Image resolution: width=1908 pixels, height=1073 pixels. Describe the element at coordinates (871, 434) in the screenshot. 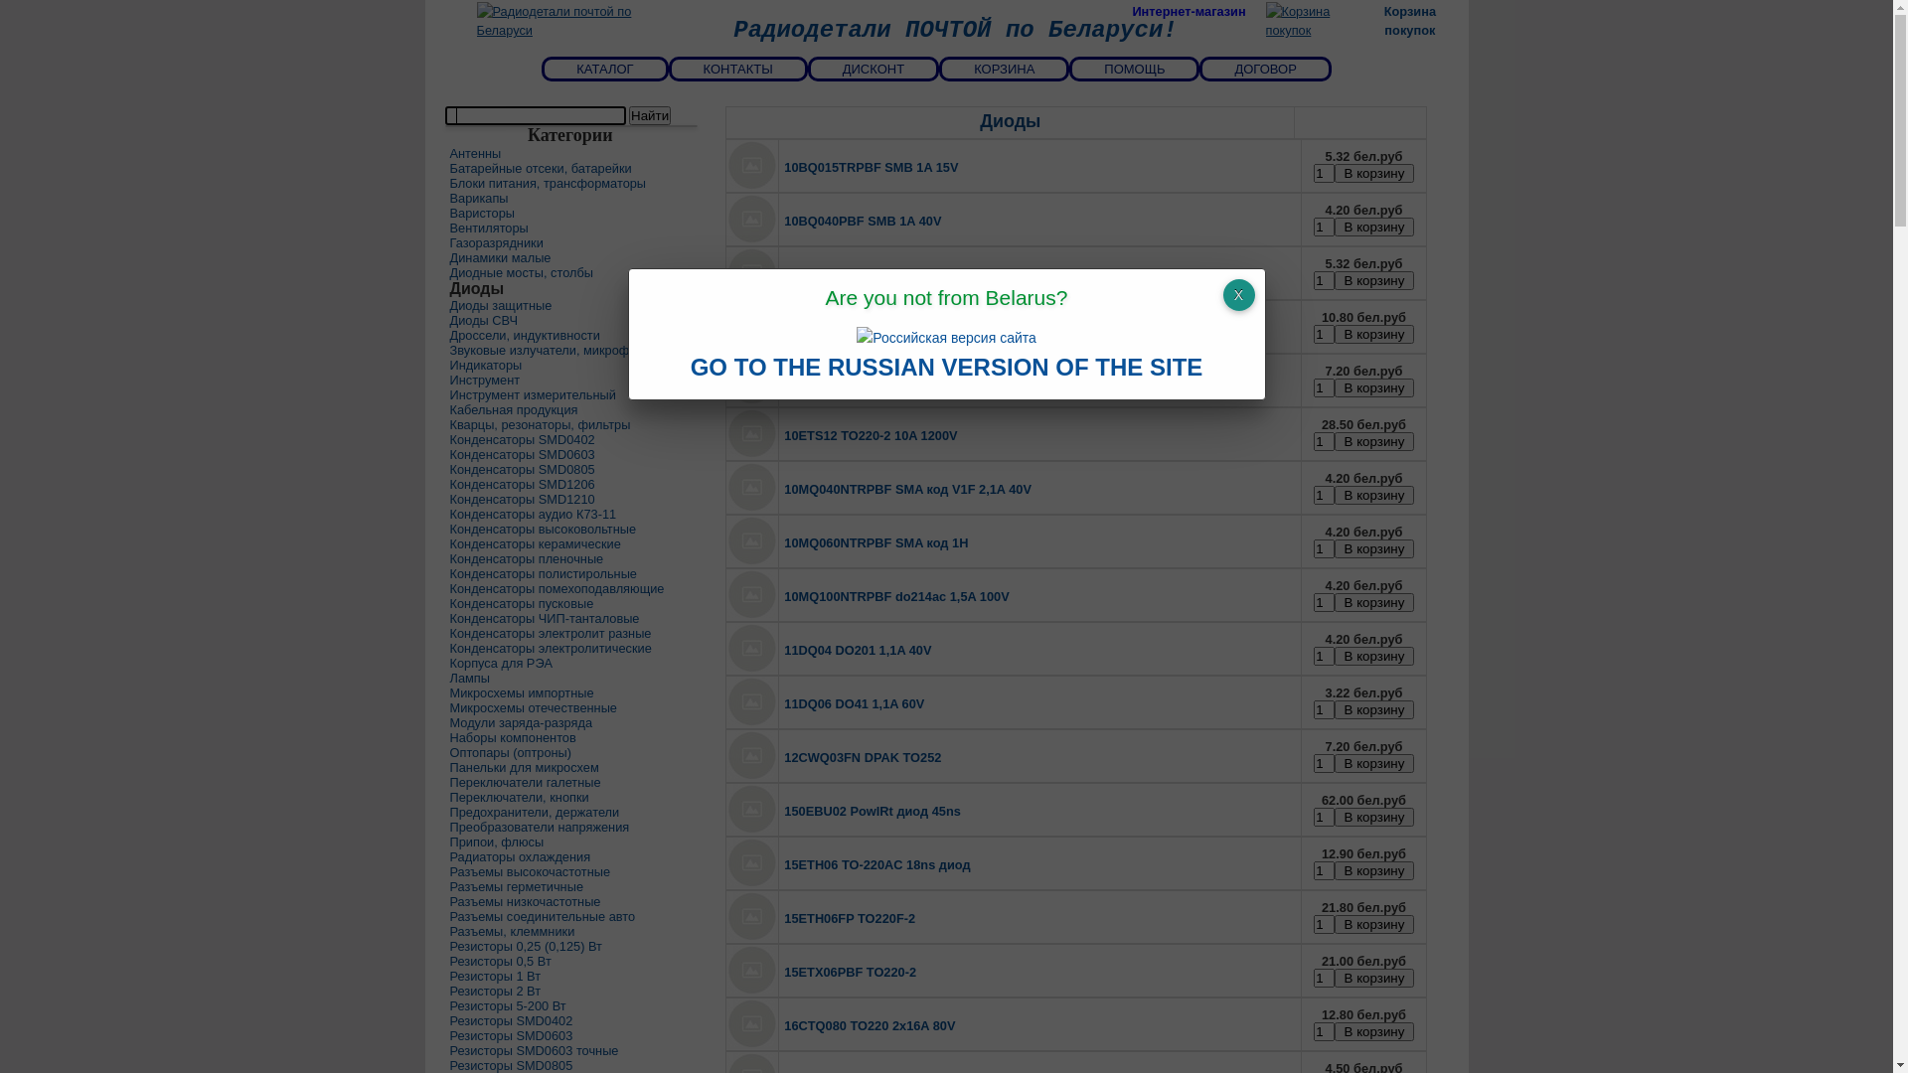

I see `'10ETS12 TO220-2 10A 1200V'` at that location.